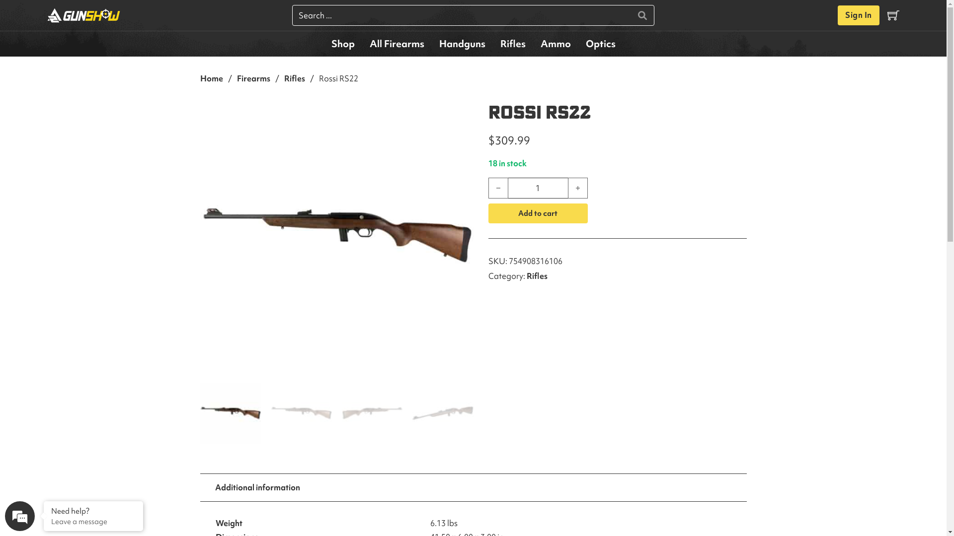  Describe the element at coordinates (555, 43) in the screenshot. I see `'Ammo'` at that location.